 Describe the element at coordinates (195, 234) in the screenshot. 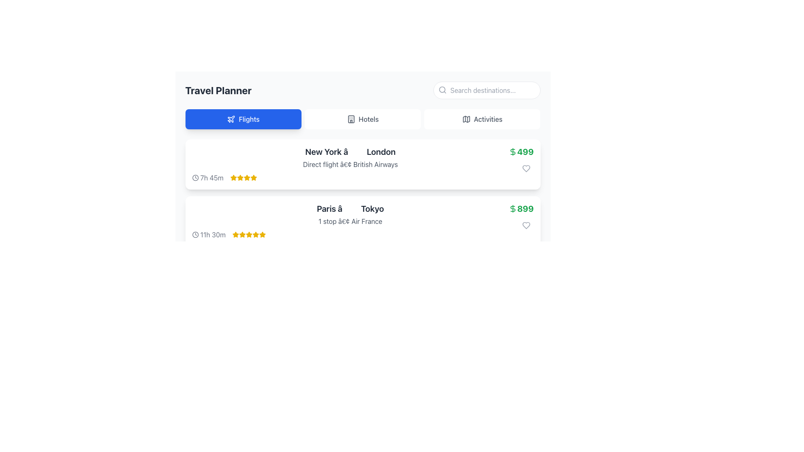

I see `the circular clock icon located in the 'Time and Rating' section for the second flight option ('Paris to Tokyo'), which is positioned to the left of the text '11h 30m'` at that location.